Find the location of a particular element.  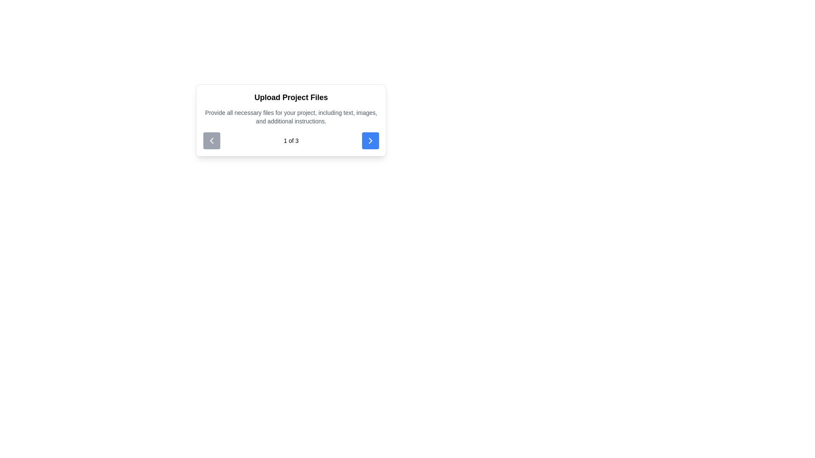

the leftward-pointing chevron icon, which is styled as a white icon on a blue circular background, located in the pagination section is located at coordinates (212, 140).